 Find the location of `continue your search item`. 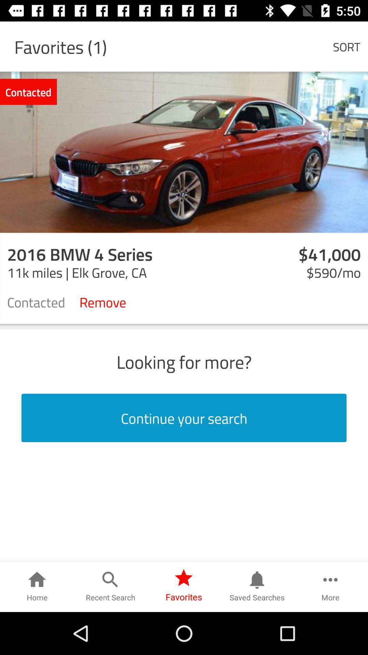

continue your search item is located at coordinates (184, 418).